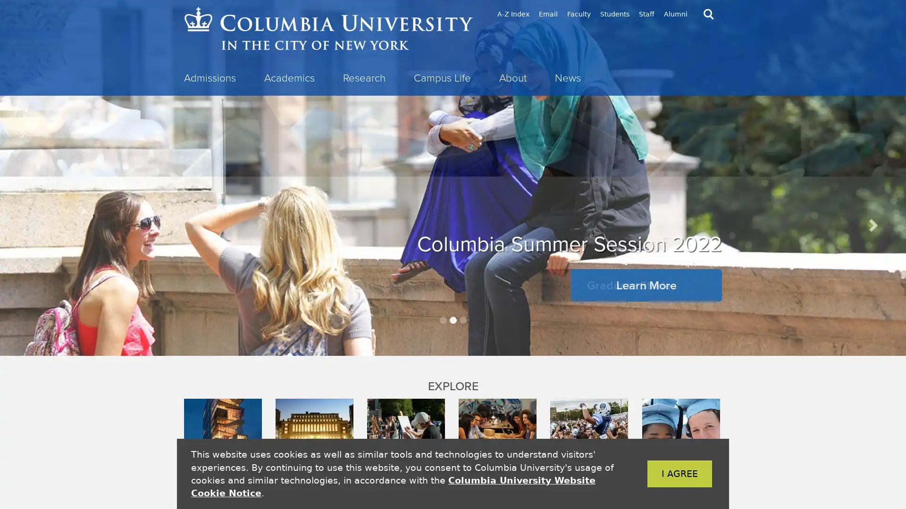 The width and height of the screenshot is (906, 509). What do you see at coordinates (632, 285) in the screenshot?
I see `Graduate Stories` at bounding box center [632, 285].